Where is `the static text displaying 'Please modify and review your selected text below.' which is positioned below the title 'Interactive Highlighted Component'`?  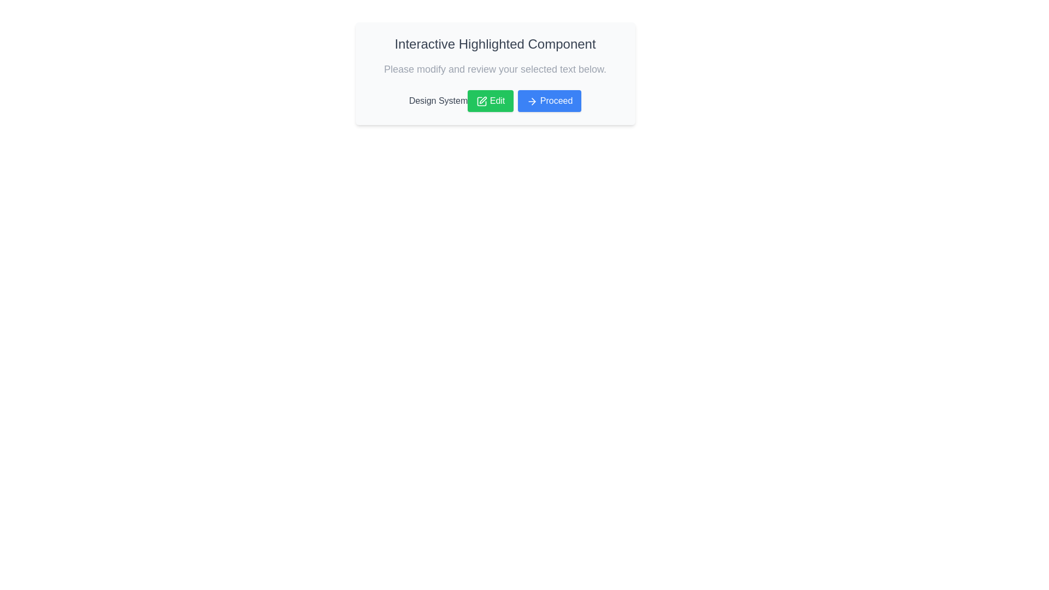
the static text displaying 'Please modify and review your selected text below.' which is positioned below the title 'Interactive Highlighted Component' is located at coordinates (494, 69).